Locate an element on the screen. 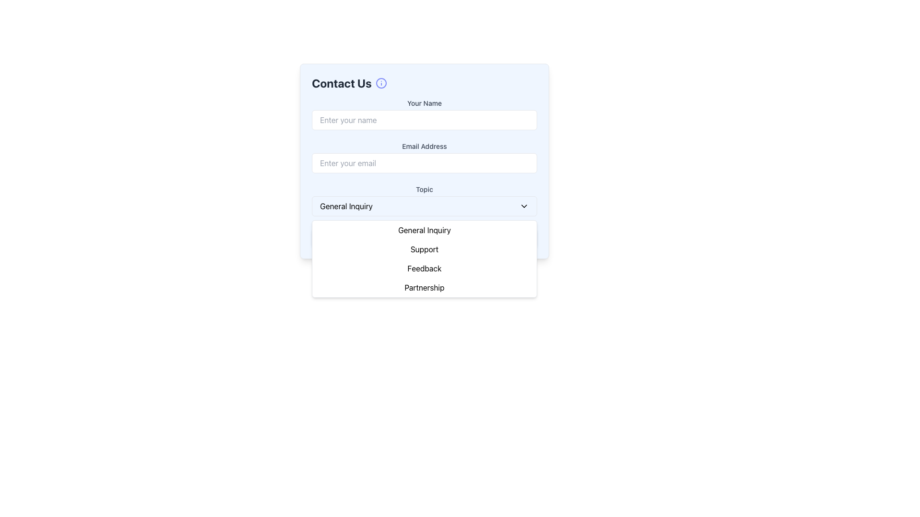  the 'Submit' button, which is a rectangular button with rounded corners, indigo background, and white text, located at the center of the form, directly below the 'Topic' dropdown menu is located at coordinates (424, 237).